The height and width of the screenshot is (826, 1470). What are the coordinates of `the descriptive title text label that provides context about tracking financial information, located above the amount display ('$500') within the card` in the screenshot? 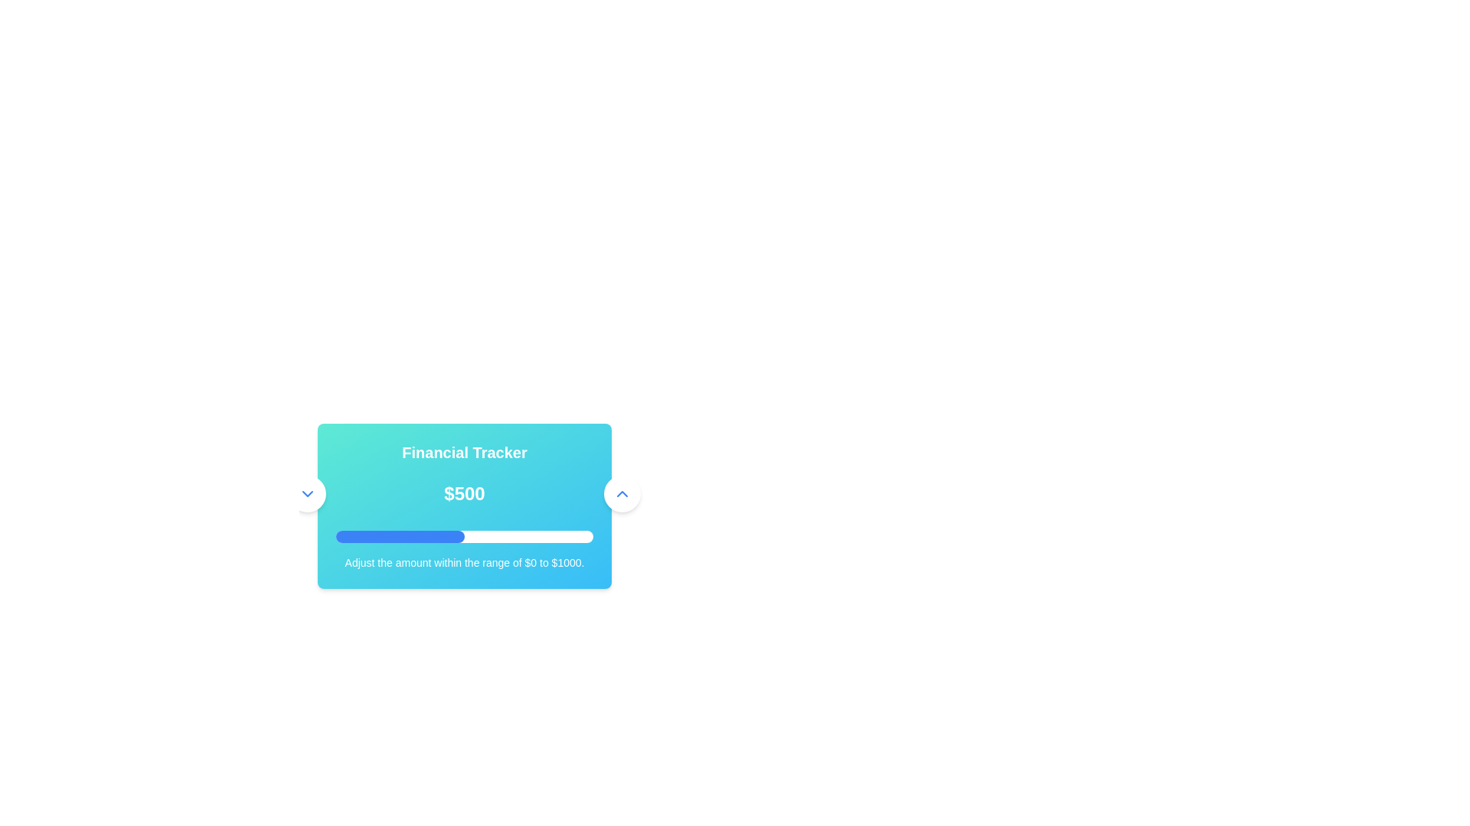 It's located at (463, 451).